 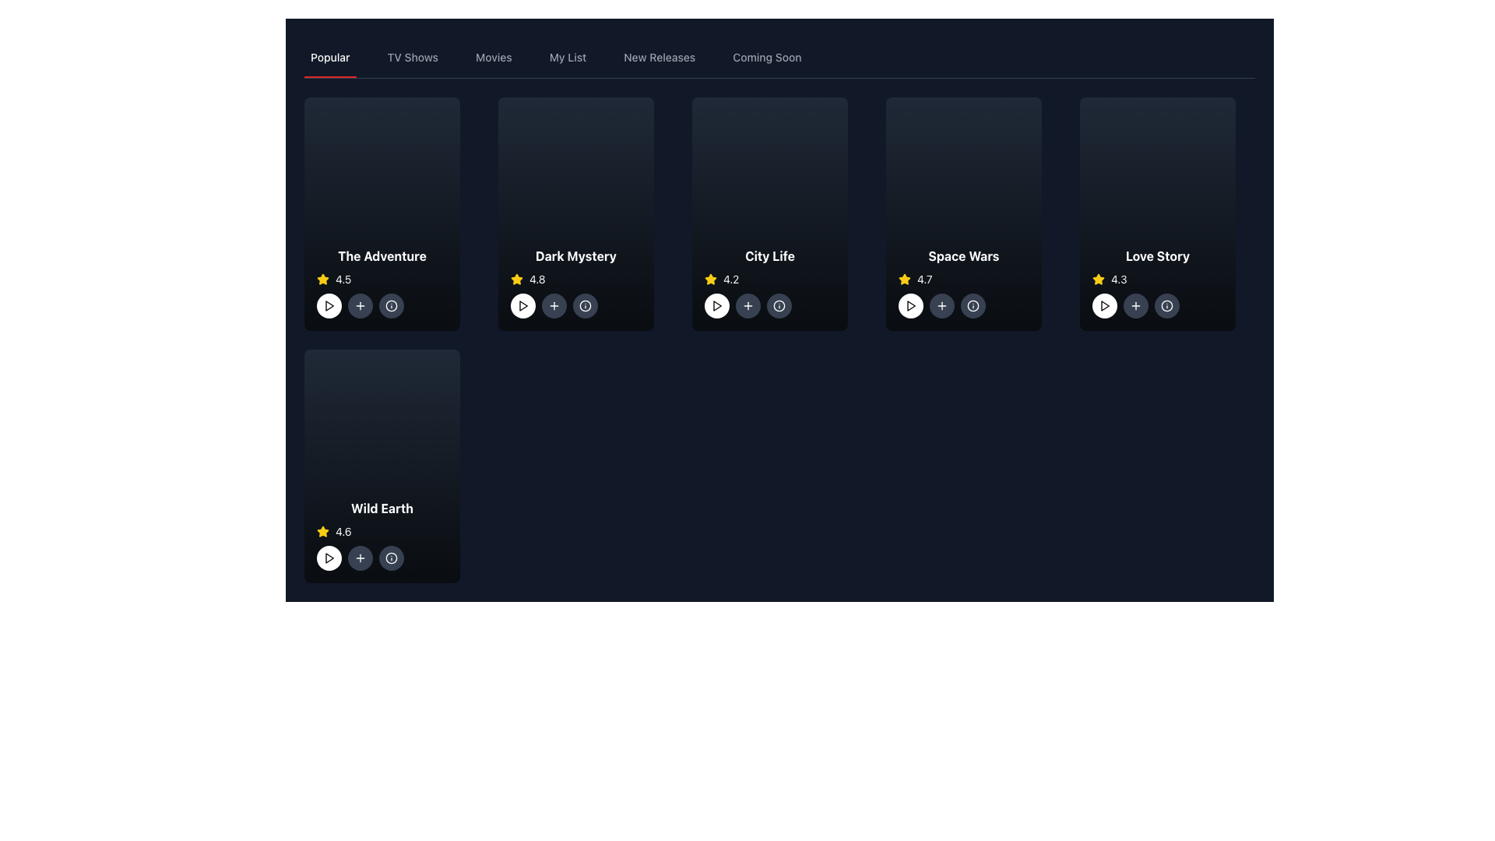 I want to click on the SVG vector graphic icon located in the lower-right corner of the 'Wild Earth' card, adjacent to the '+' and play buttons, so click(x=392, y=558).